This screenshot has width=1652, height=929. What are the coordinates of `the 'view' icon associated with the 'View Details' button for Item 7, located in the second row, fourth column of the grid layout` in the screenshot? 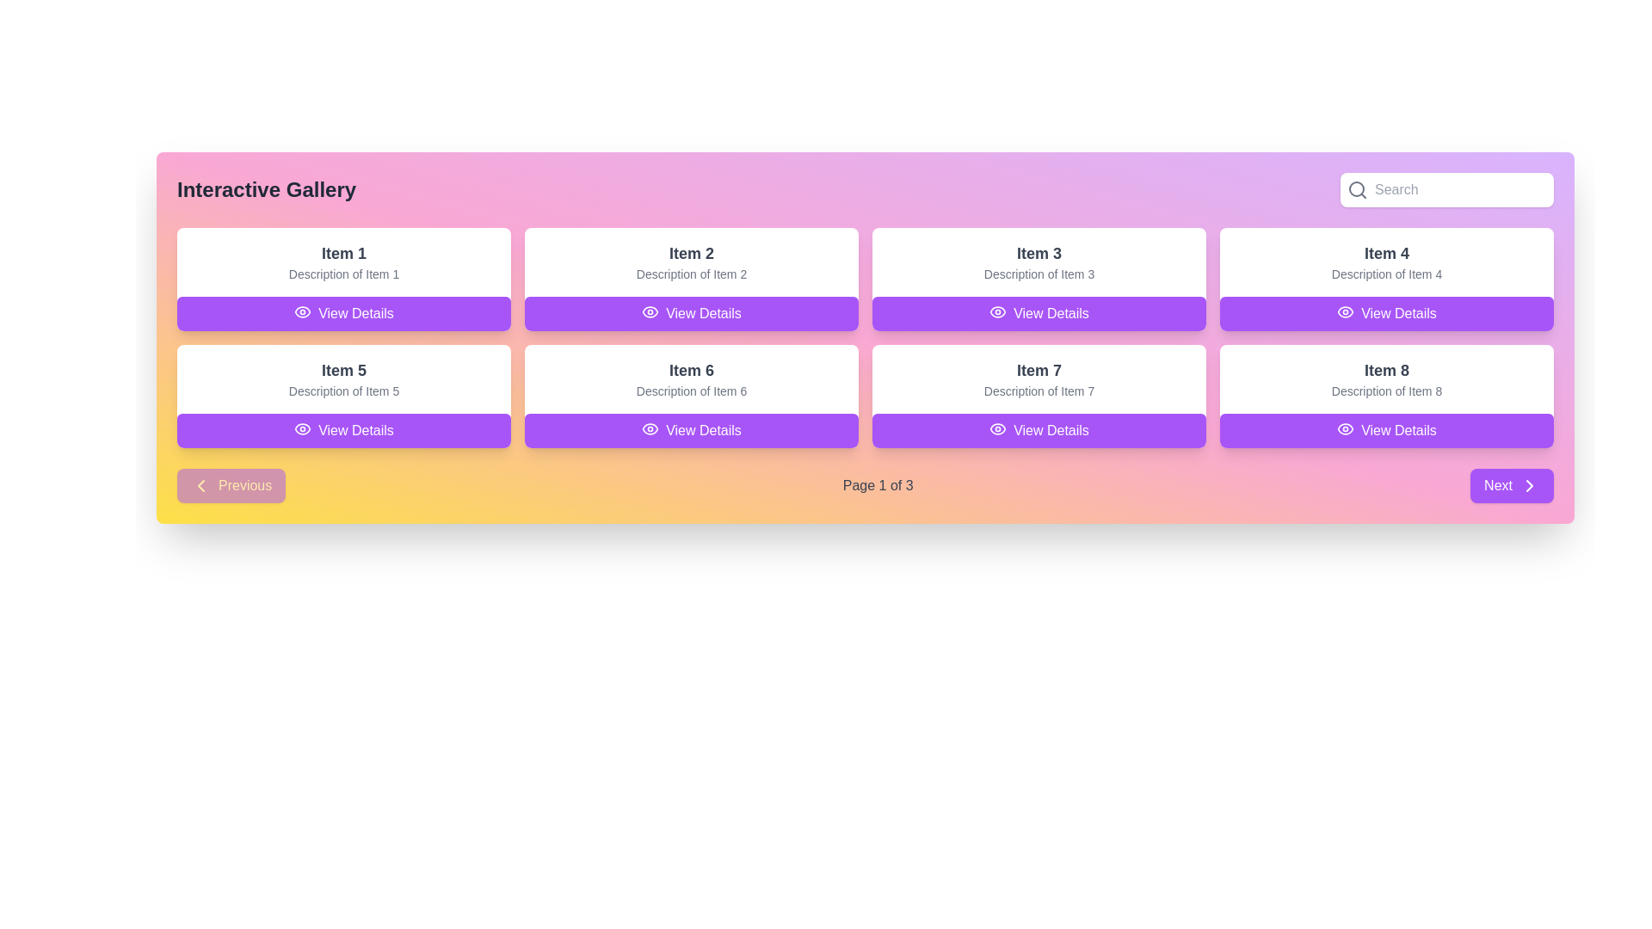 It's located at (998, 428).